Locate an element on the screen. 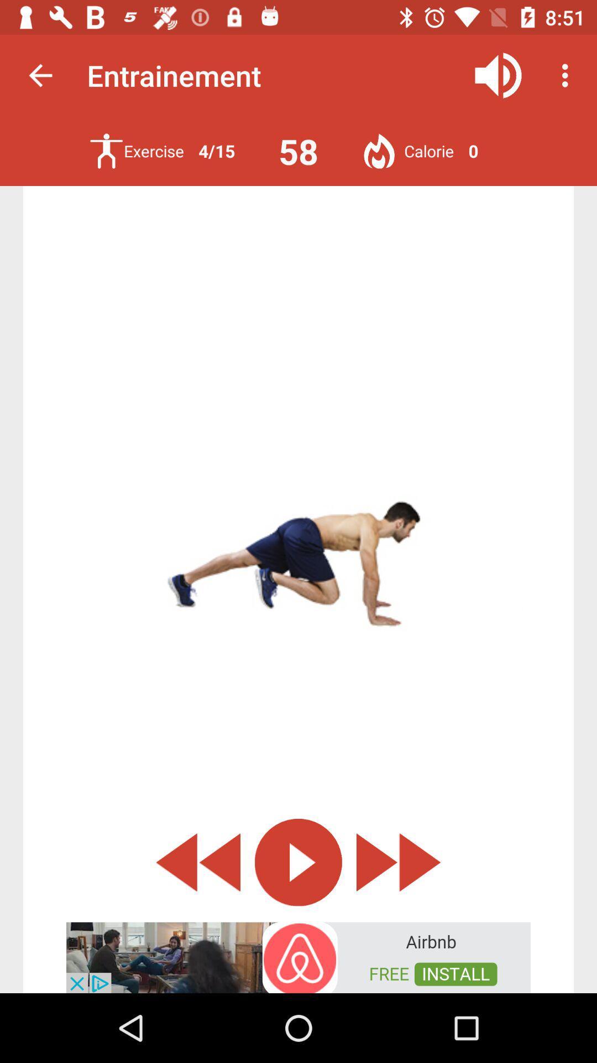  install airbnb is located at coordinates (298, 956).